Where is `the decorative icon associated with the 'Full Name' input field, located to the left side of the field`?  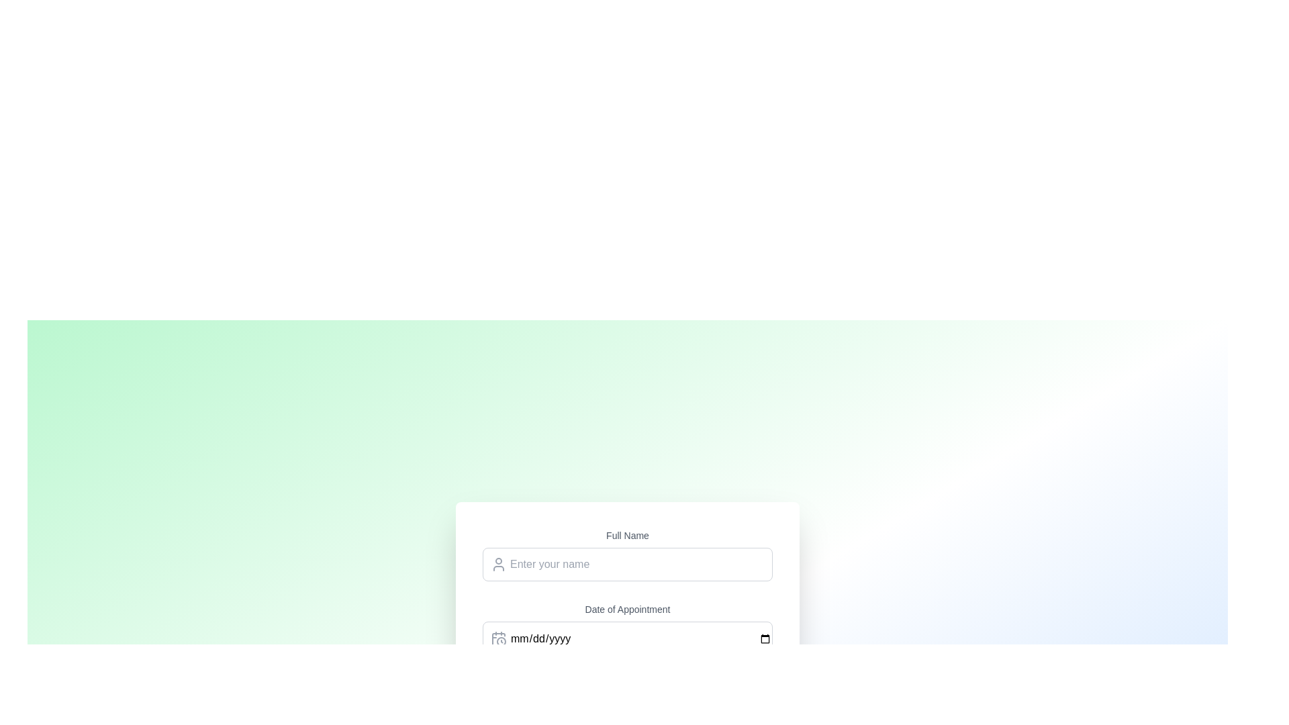
the decorative icon associated with the 'Full Name' input field, located to the left side of the field is located at coordinates (498, 564).